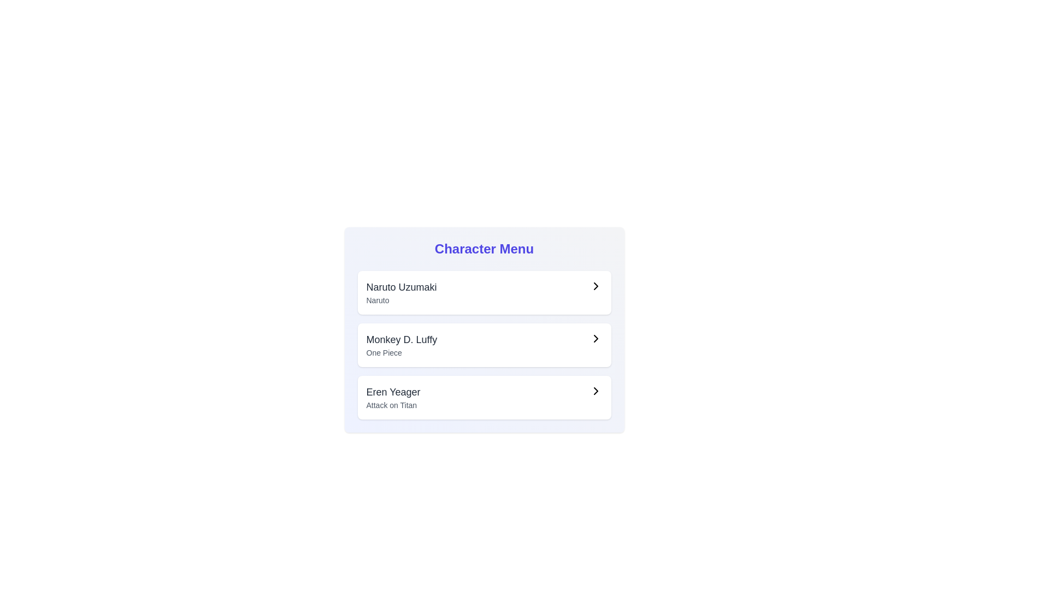 This screenshot has height=590, width=1049. I want to click on the second list item with navigation labeled 'Monkey D. Luffy', so click(484, 329).